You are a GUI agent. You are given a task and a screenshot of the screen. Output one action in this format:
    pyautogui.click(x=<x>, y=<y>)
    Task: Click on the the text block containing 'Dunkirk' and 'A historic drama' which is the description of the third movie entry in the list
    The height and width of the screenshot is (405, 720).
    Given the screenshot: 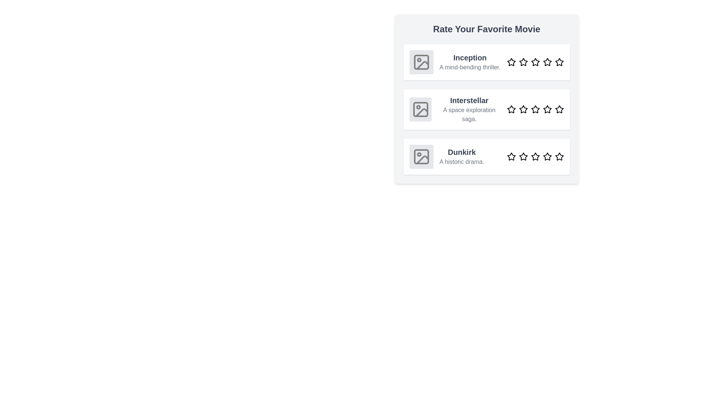 What is the action you would take?
    pyautogui.click(x=461, y=156)
    